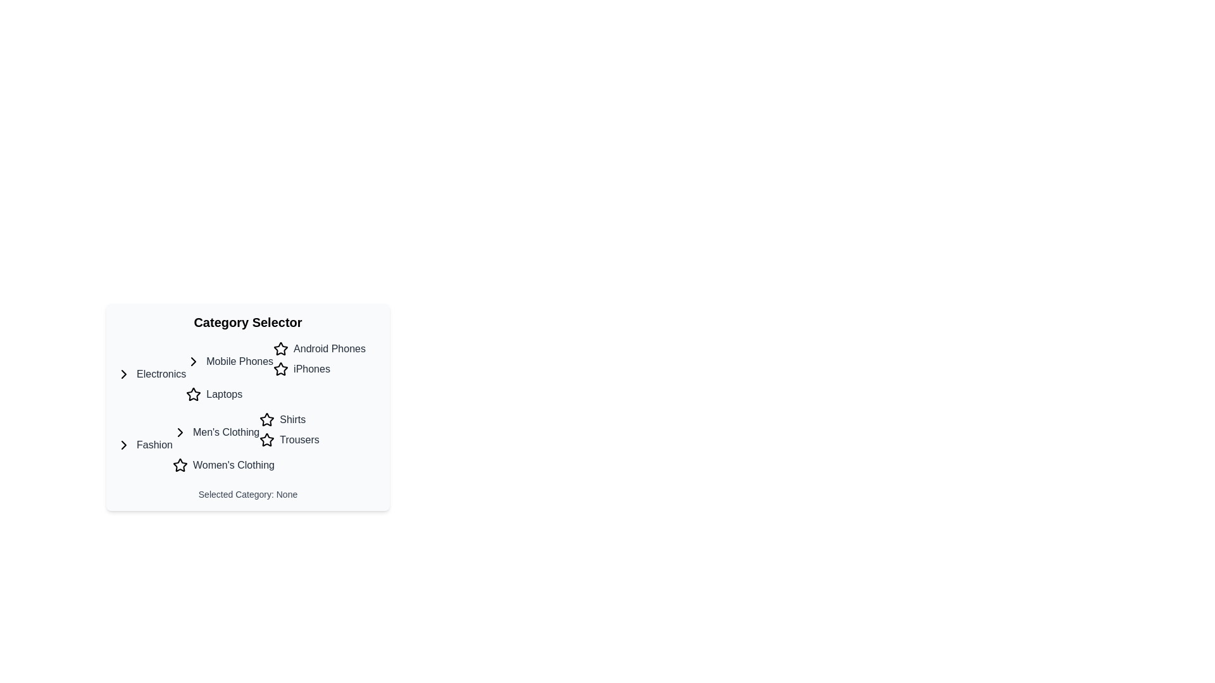 This screenshot has width=1215, height=683. What do you see at coordinates (224, 394) in the screenshot?
I see `the clickable label under the 'Laptops' category in the 'Electronics' section` at bounding box center [224, 394].